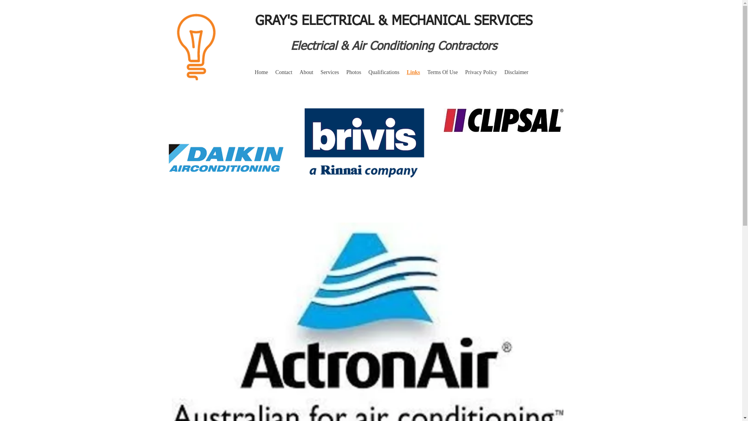 This screenshot has height=421, width=748. Describe the element at coordinates (353, 72) in the screenshot. I see `'Photos'` at that location.